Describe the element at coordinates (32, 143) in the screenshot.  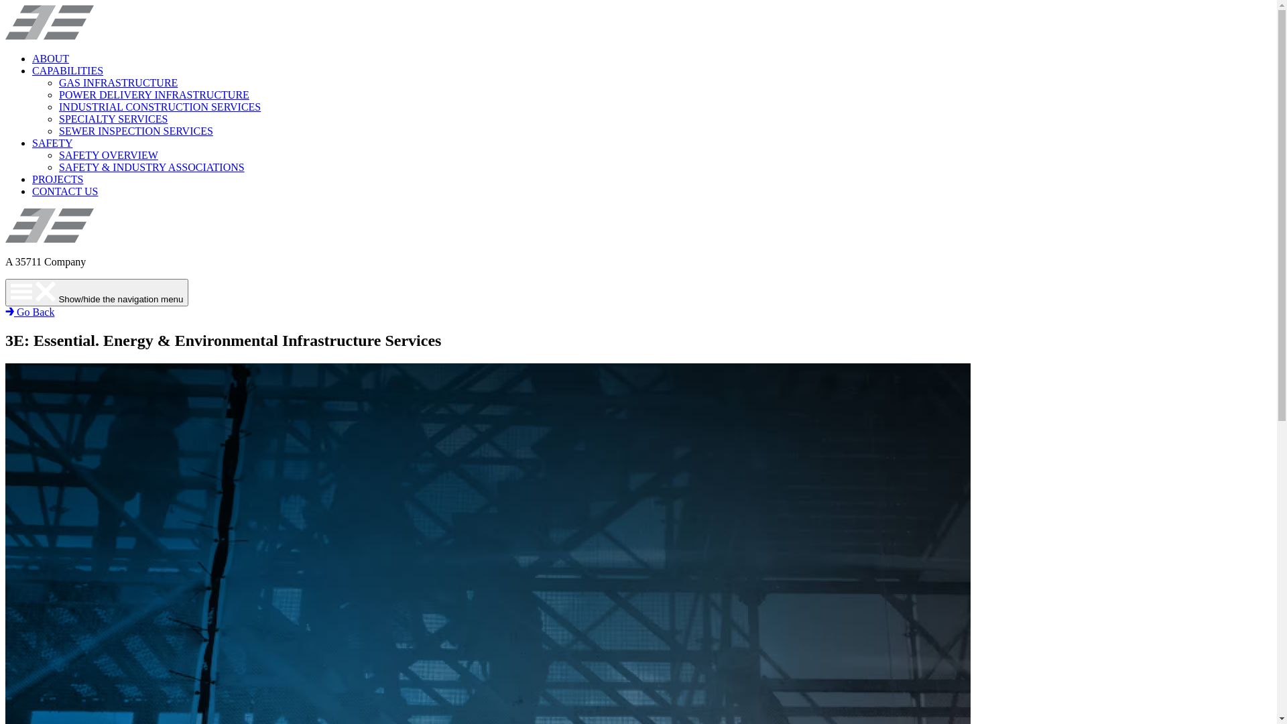
I see `'SAFETY'` at that location.